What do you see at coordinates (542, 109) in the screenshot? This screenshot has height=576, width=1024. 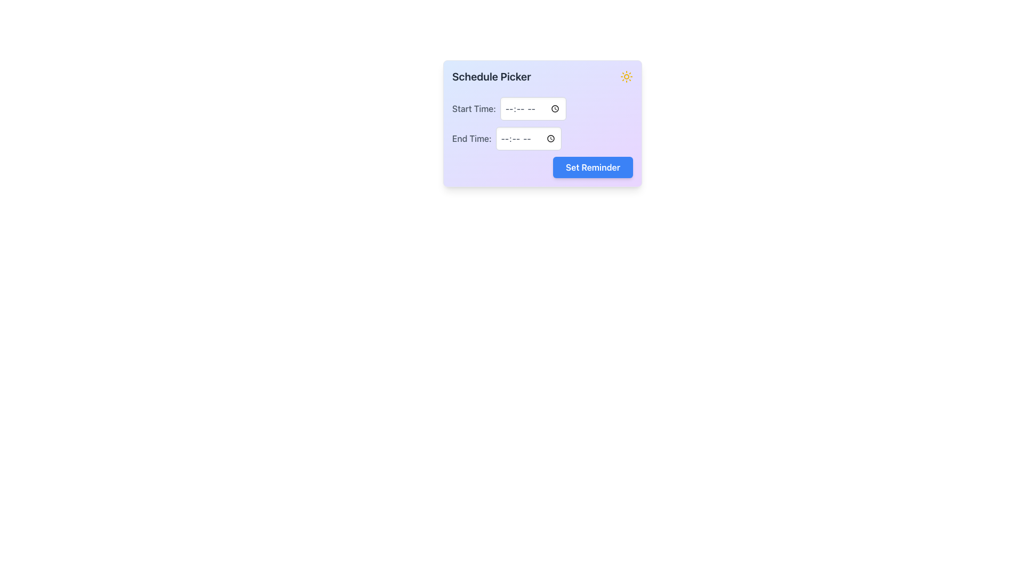 I see `the 'Start Time:' time picker input field` at bounding box center [542, 109].